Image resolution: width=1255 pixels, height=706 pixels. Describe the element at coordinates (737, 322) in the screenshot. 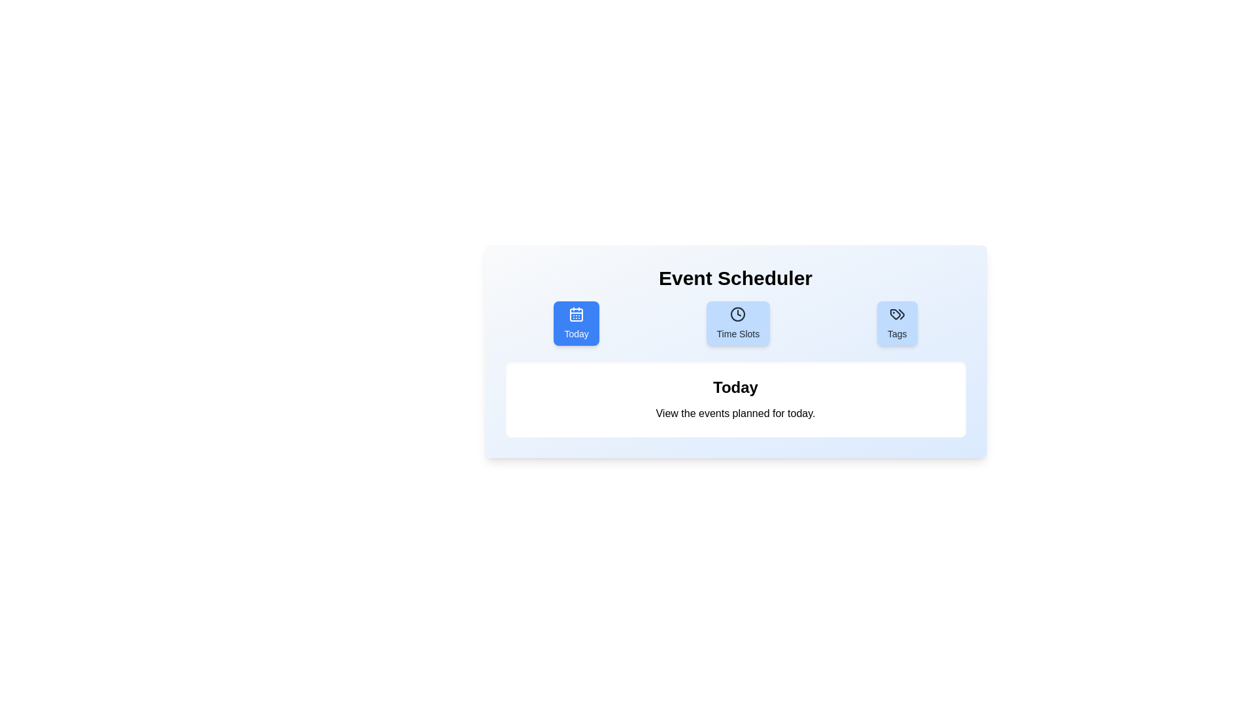

I see `the tab button labeled Time Slots` at that location.